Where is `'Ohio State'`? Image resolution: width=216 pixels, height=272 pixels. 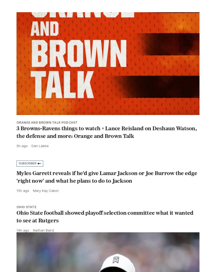 'Ohio State' is located at coordinates (17, 218).